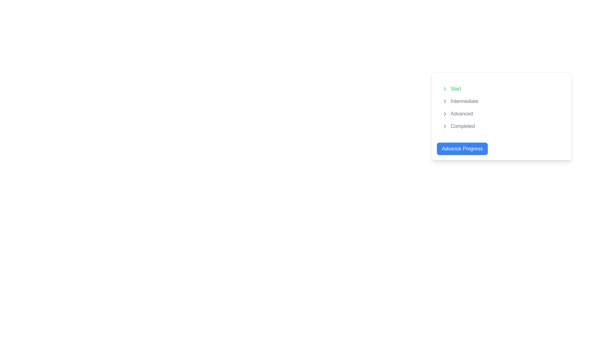 This screenshot has height=337, width=600. What do you see at coordinates (462, 114) in the screenshot?
I see `'Advanced' text label indicating a navigation step in the grouped navigation interface, positioned below 'Intermediate' and above 'Completed'` at bounding box center [462, 114].